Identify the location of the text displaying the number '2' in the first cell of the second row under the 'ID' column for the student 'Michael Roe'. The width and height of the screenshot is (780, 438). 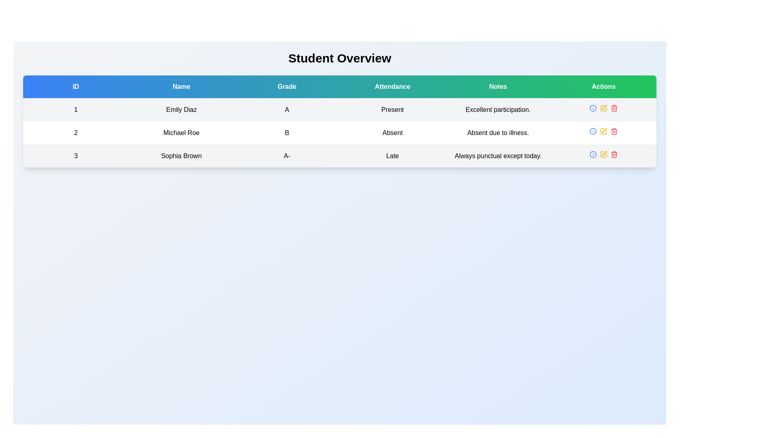
(76, 132).